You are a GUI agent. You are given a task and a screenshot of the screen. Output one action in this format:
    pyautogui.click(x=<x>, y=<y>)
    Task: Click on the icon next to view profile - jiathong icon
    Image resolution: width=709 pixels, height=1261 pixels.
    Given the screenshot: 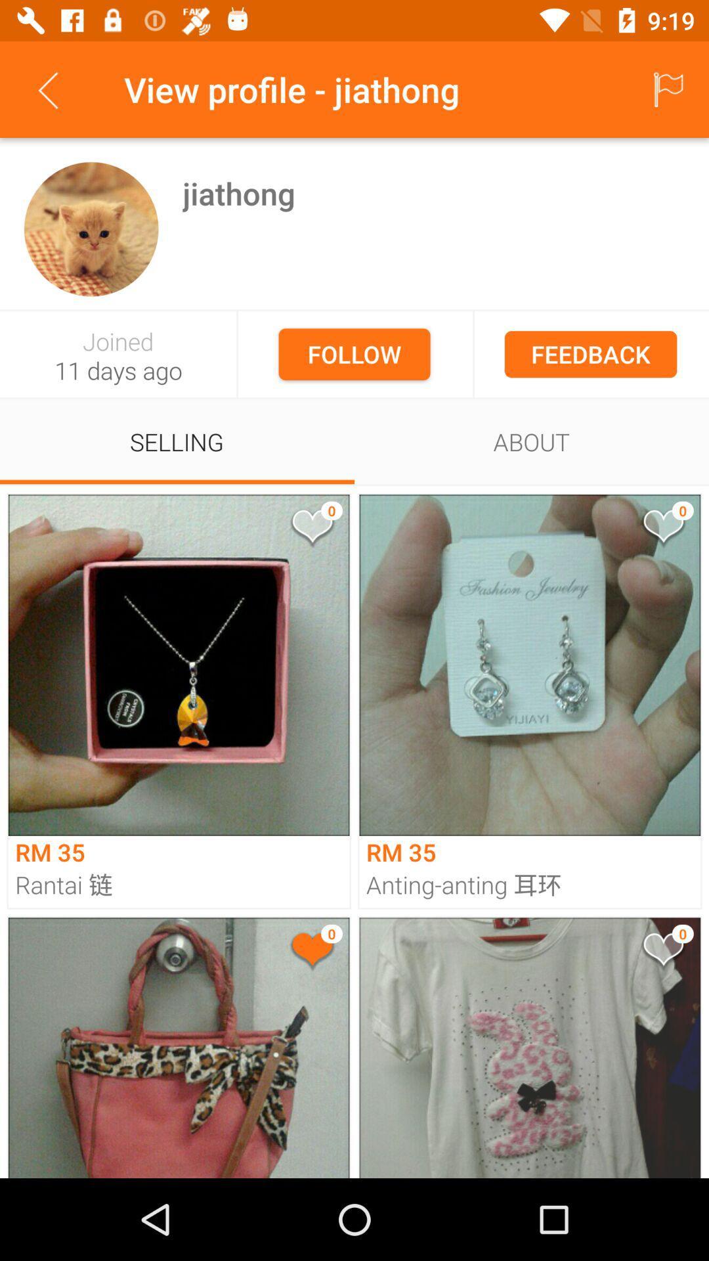 What is the action you would take?
    pyautogui.click(x=47, y=89)
    